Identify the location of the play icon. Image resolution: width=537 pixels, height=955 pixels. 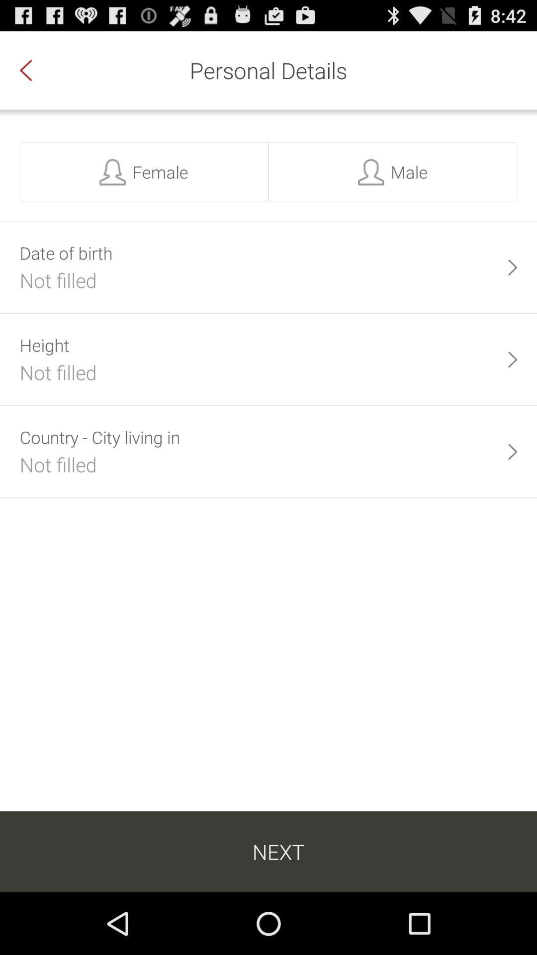
(512, 384).